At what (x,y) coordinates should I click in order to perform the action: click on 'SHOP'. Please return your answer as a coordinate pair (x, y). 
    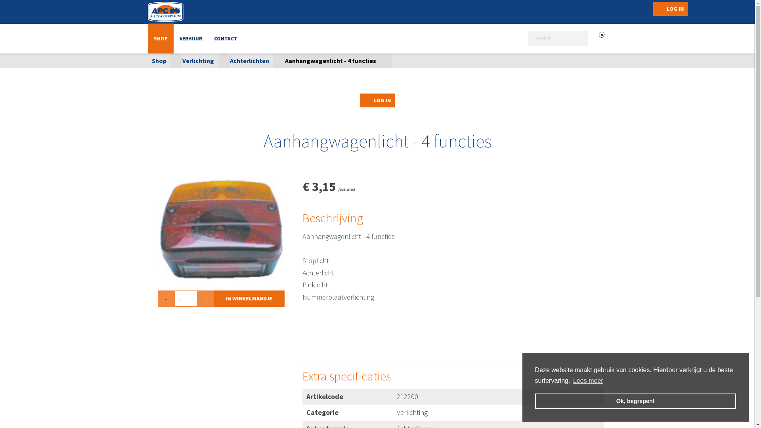
    Looking at the image, I should click on (160, 38).